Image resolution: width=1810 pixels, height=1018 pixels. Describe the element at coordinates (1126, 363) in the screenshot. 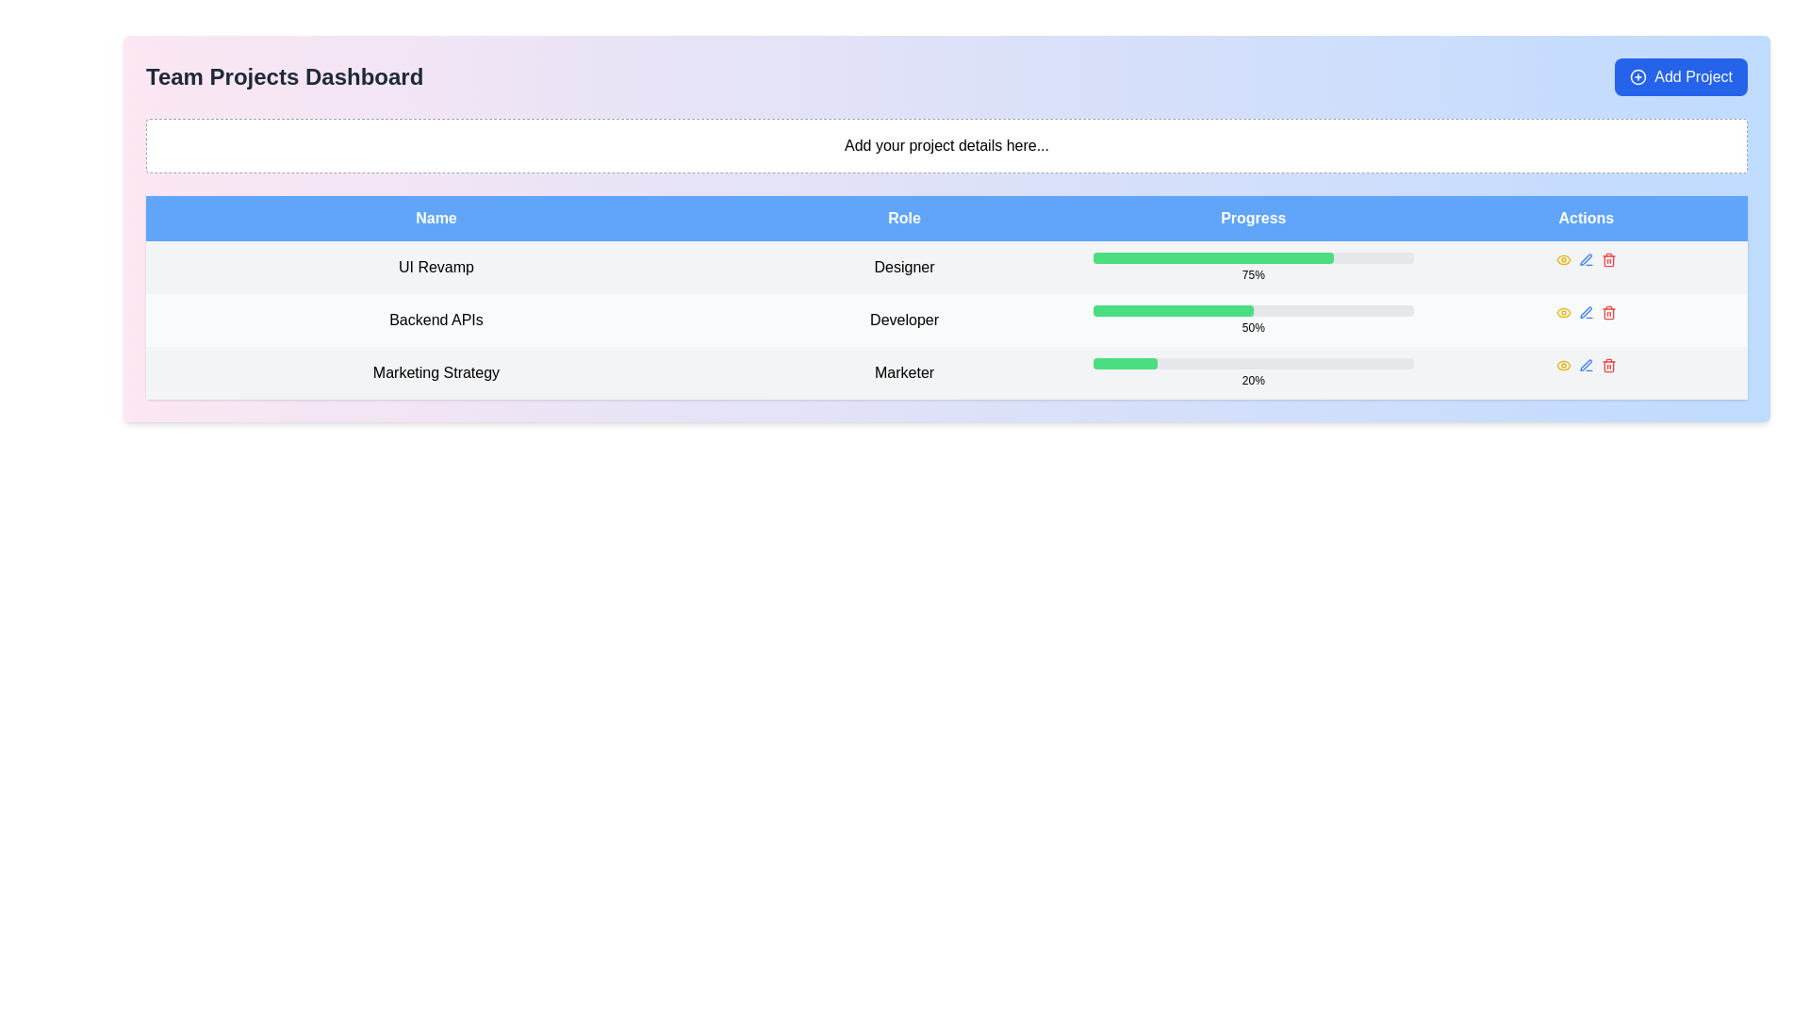

I see `the progress bar indicator representing 20% completion in the 'Progress' column of the 'Marketing Strategy' row in the 'Team Projects Dashboard' table` at that location.